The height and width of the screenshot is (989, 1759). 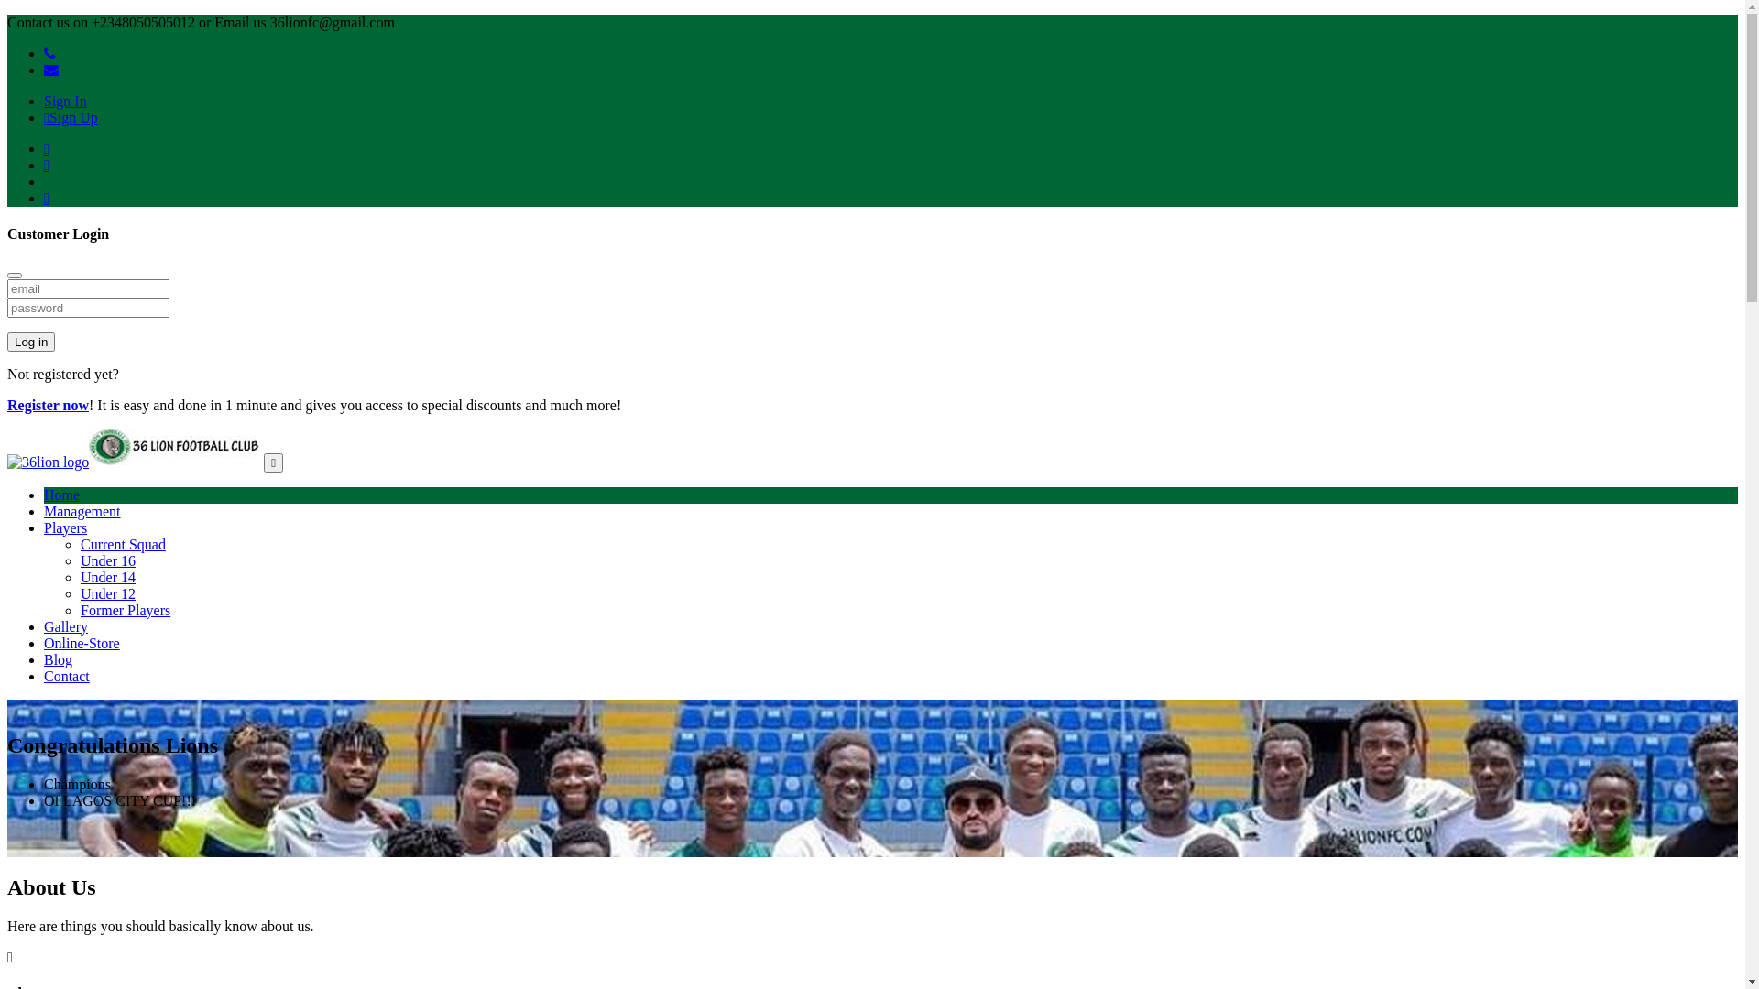 What do you see at coordinates (107, 560) in the screenshot?
I see `'Under 16'` at bounding box center [107, 560].